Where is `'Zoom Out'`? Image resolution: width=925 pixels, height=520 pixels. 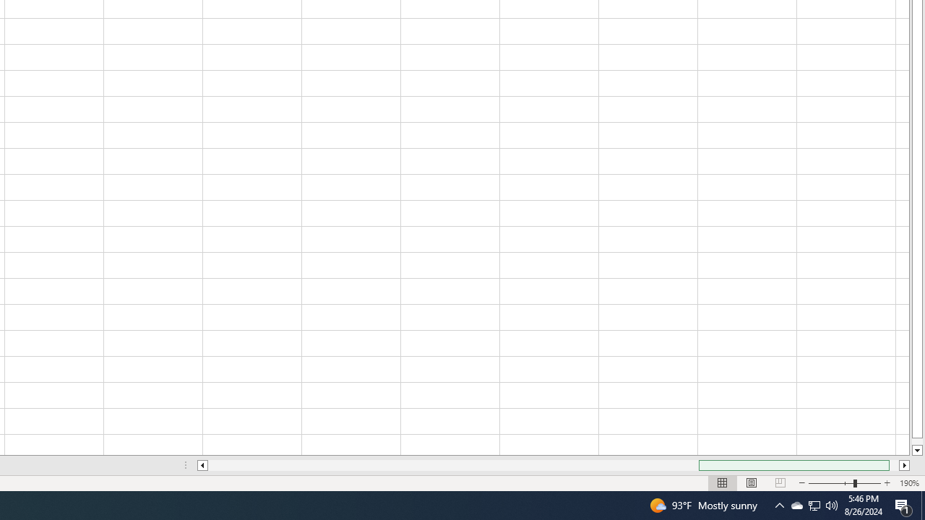 'Zoom Out' is located at coordinates (831, 483).